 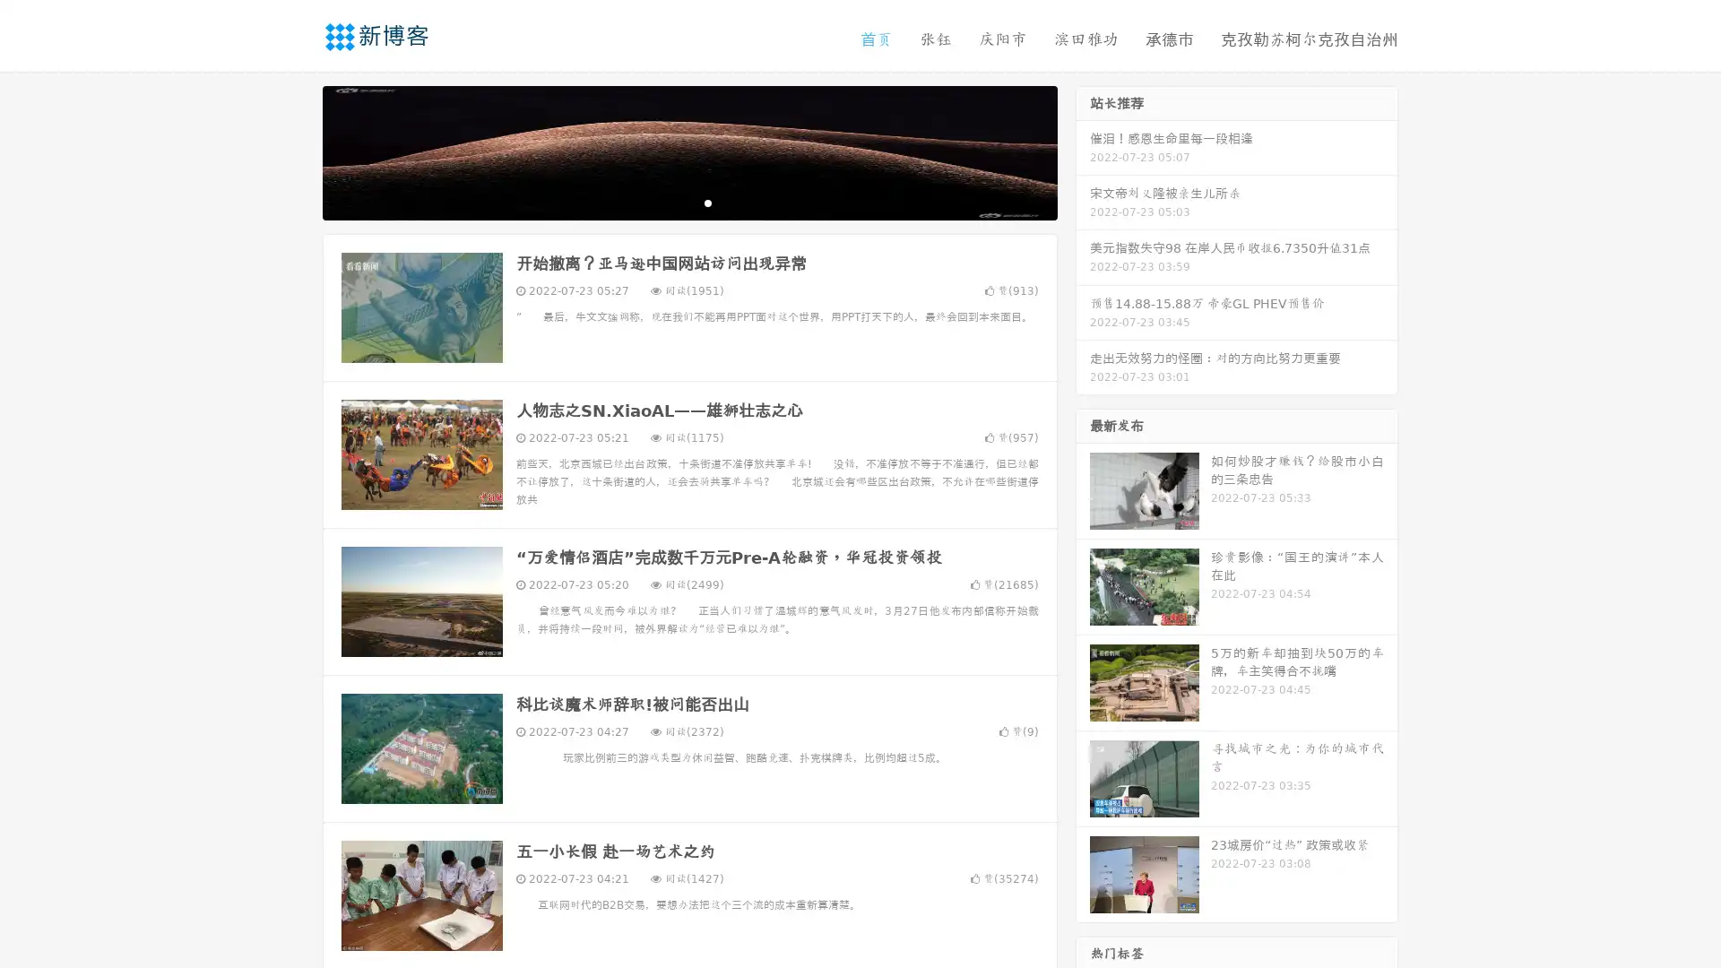 What do you see at coordinates (707, 202) in the screenshot?
I see `Go to slide 3` at bounding box center [707, 202].